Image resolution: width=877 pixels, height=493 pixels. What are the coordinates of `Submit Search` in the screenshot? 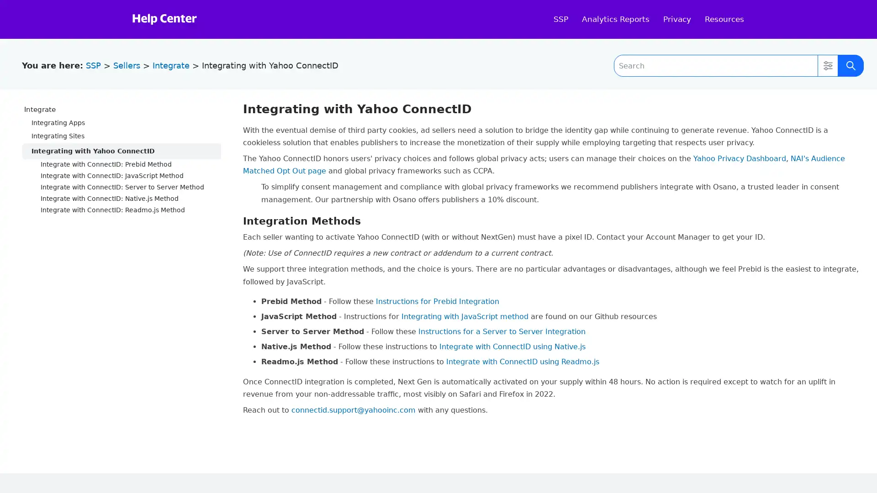 It's located at (850, 65).